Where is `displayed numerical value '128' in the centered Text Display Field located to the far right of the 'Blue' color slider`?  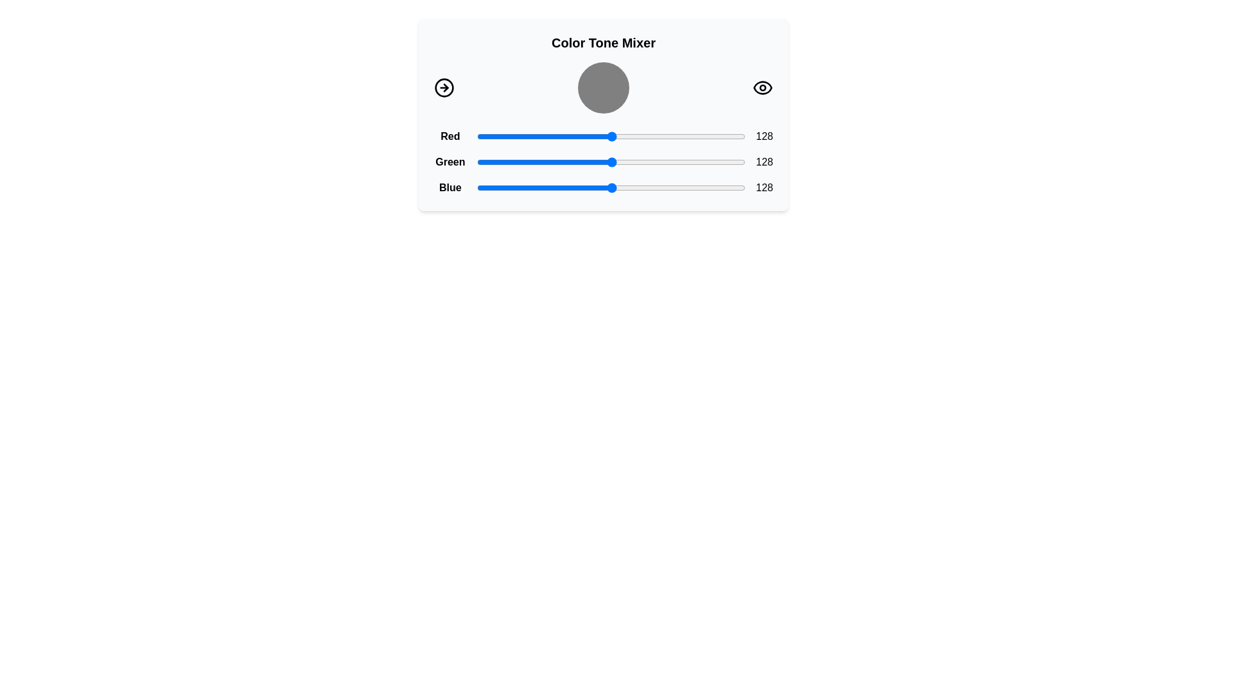
displayed numerical value '128' in the centered Text Display Field located to the far right of the 'Blue' color slider is located at coordinates (764, 188).